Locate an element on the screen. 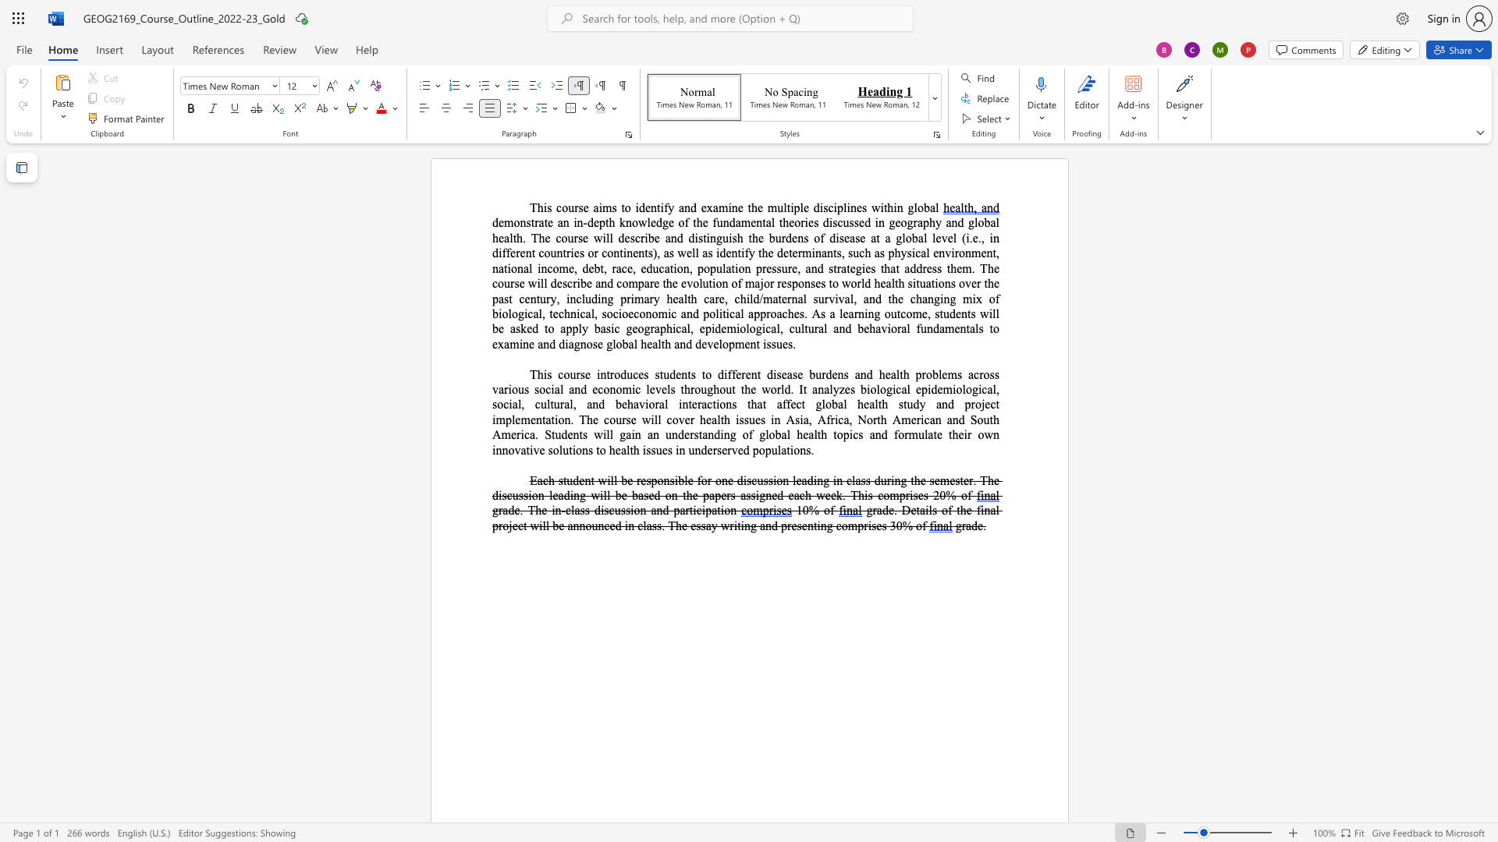  the space between the continuous character "m" and "u" in the text is located at coordinates (776, 207).